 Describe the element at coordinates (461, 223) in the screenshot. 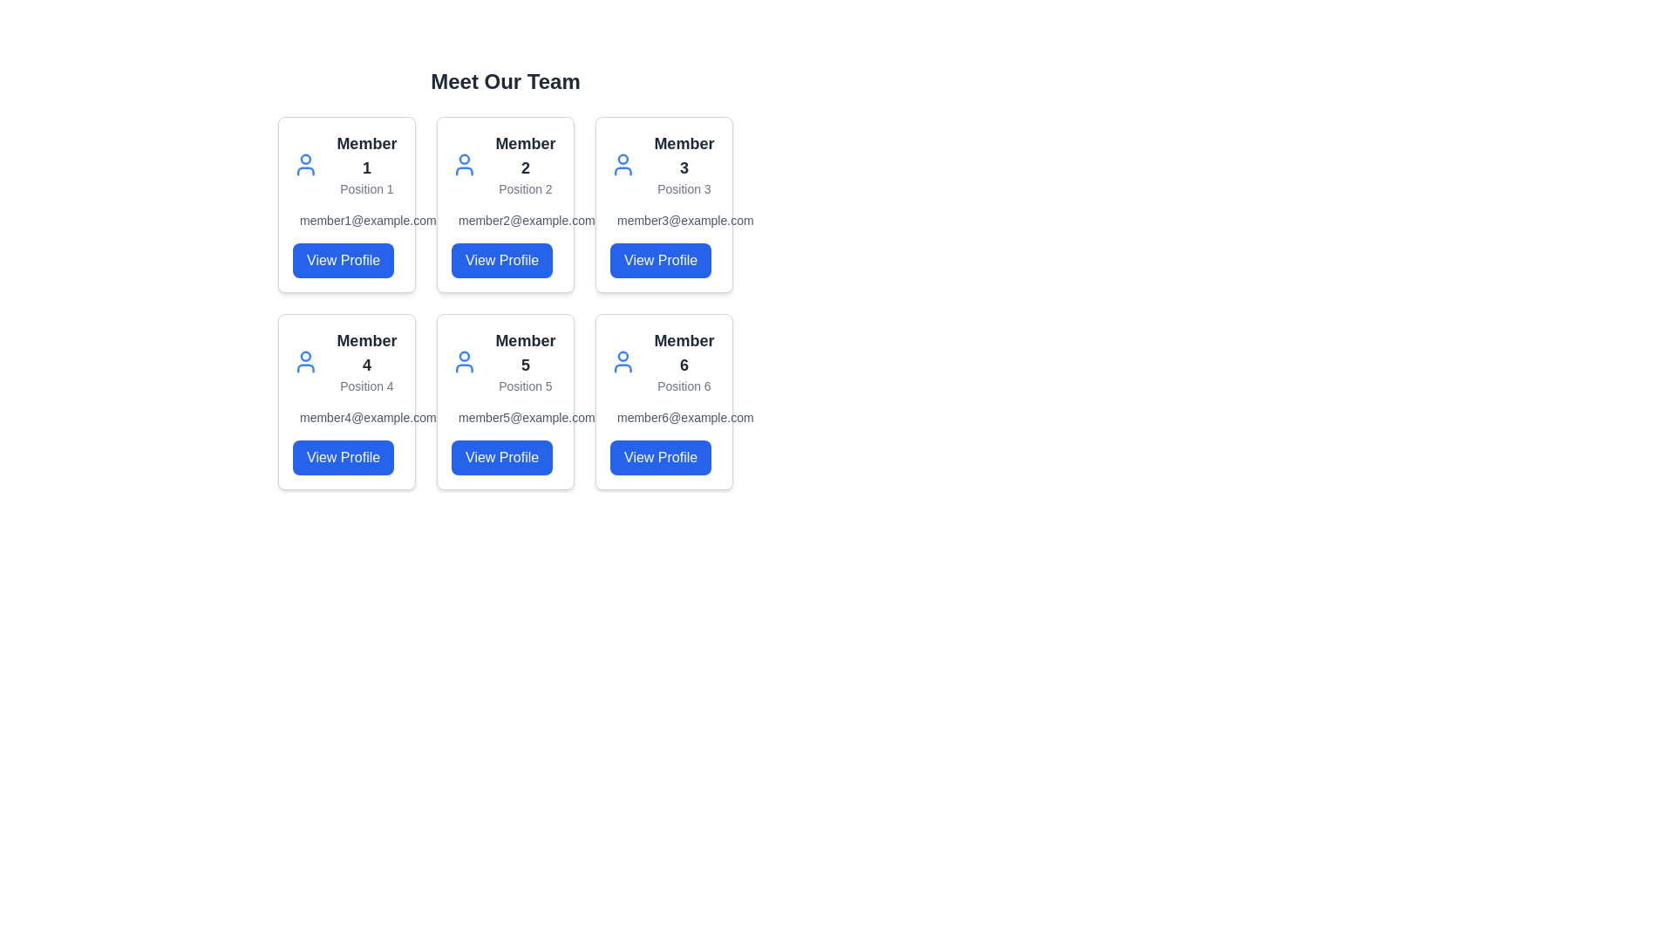

I see `the SVG rectangle that represents the email feature within the 'Member 2' card to activate email-related features` at that location.